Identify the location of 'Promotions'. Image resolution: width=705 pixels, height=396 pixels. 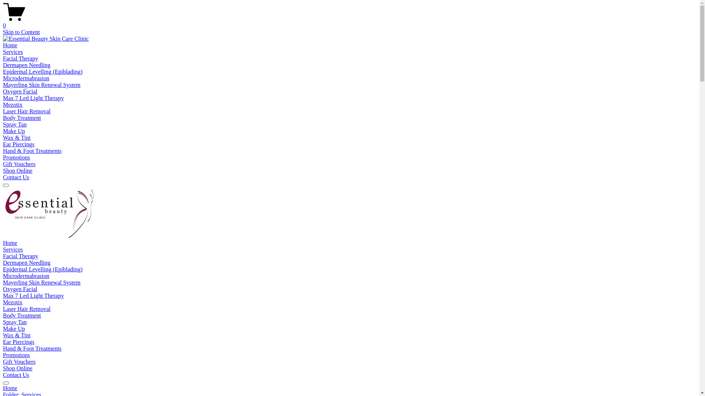
(16, 355).